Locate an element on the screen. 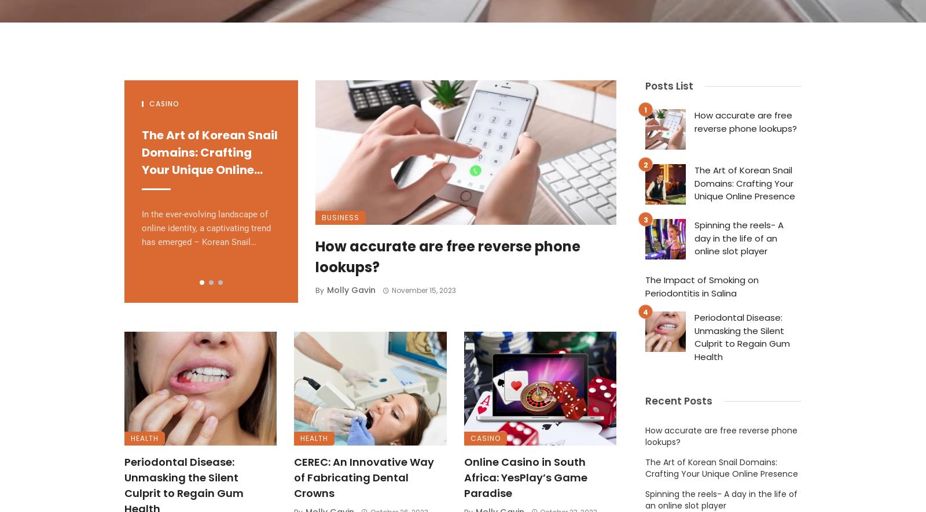 This screenshot has height=512, width=926. 'Posts List' is located at coordinates (669, 86).